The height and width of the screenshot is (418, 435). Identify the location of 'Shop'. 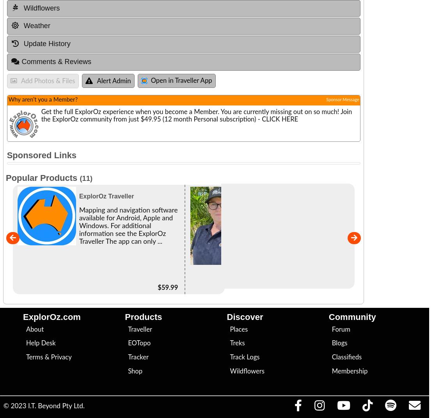
(128, 371).